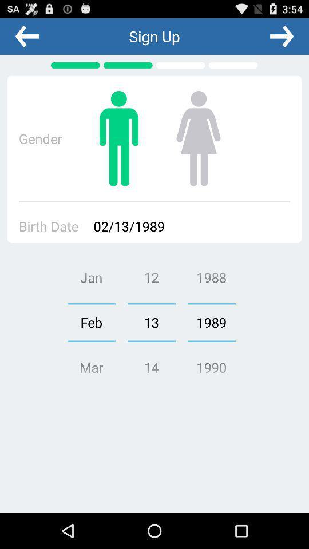  I want to click on the arrow_backward icon, so click(27, 39).